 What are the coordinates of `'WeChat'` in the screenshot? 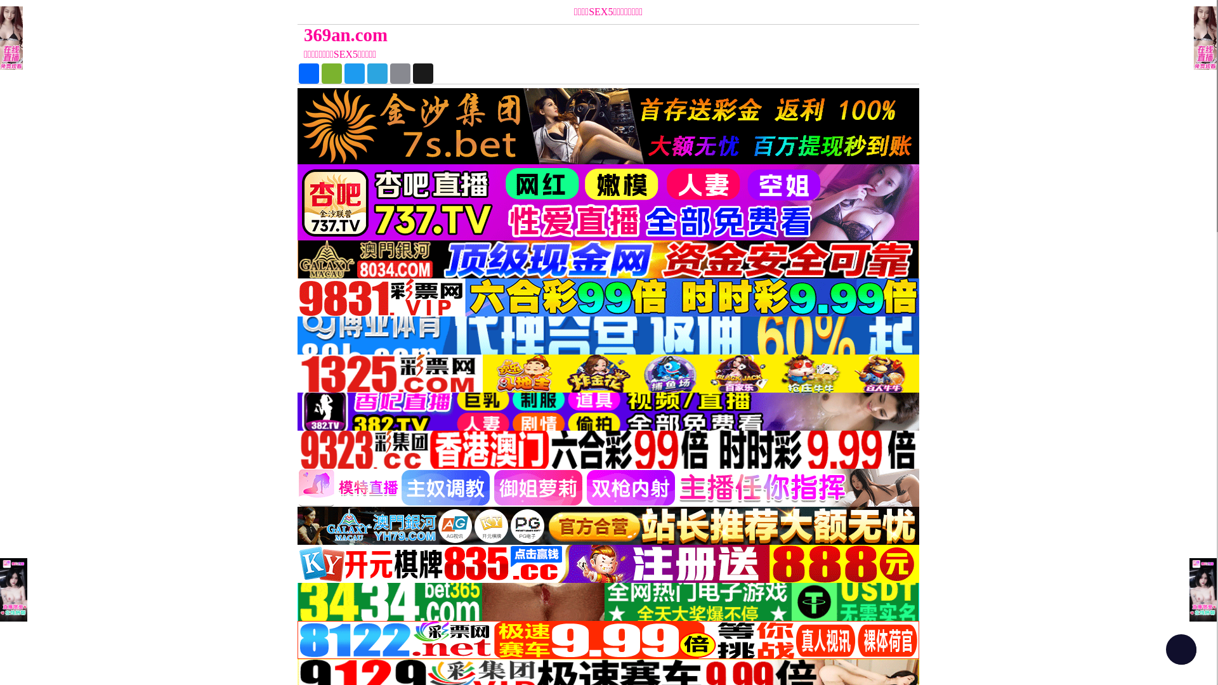 It's located at (332, 73).